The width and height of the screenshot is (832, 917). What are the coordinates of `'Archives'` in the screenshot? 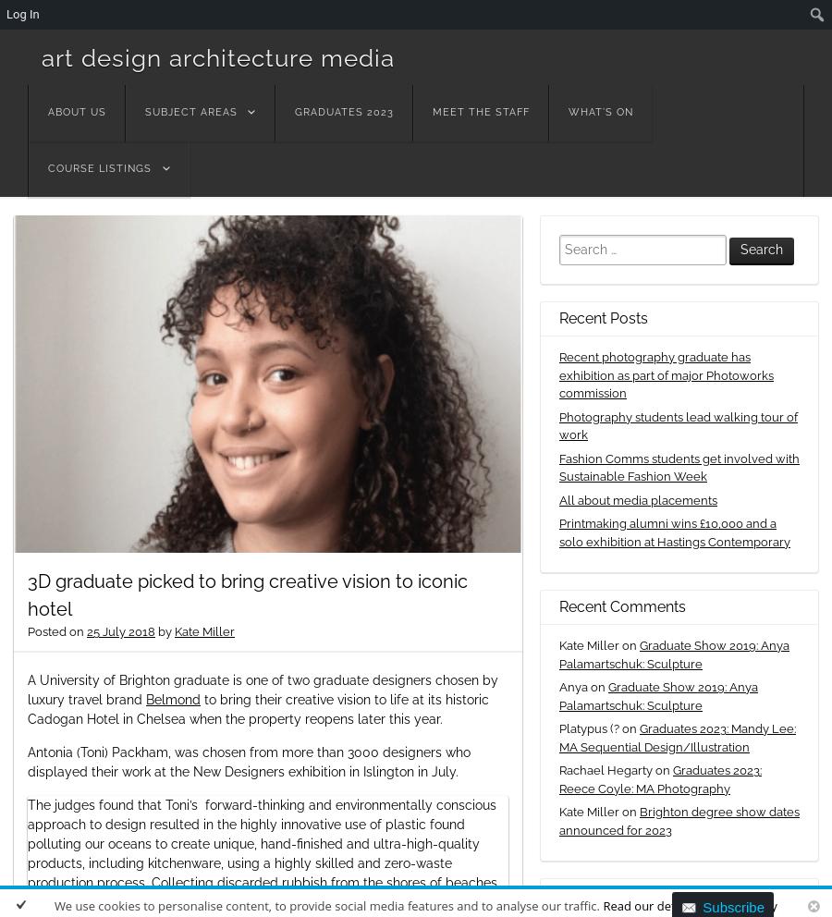 It's located at (589, 895).